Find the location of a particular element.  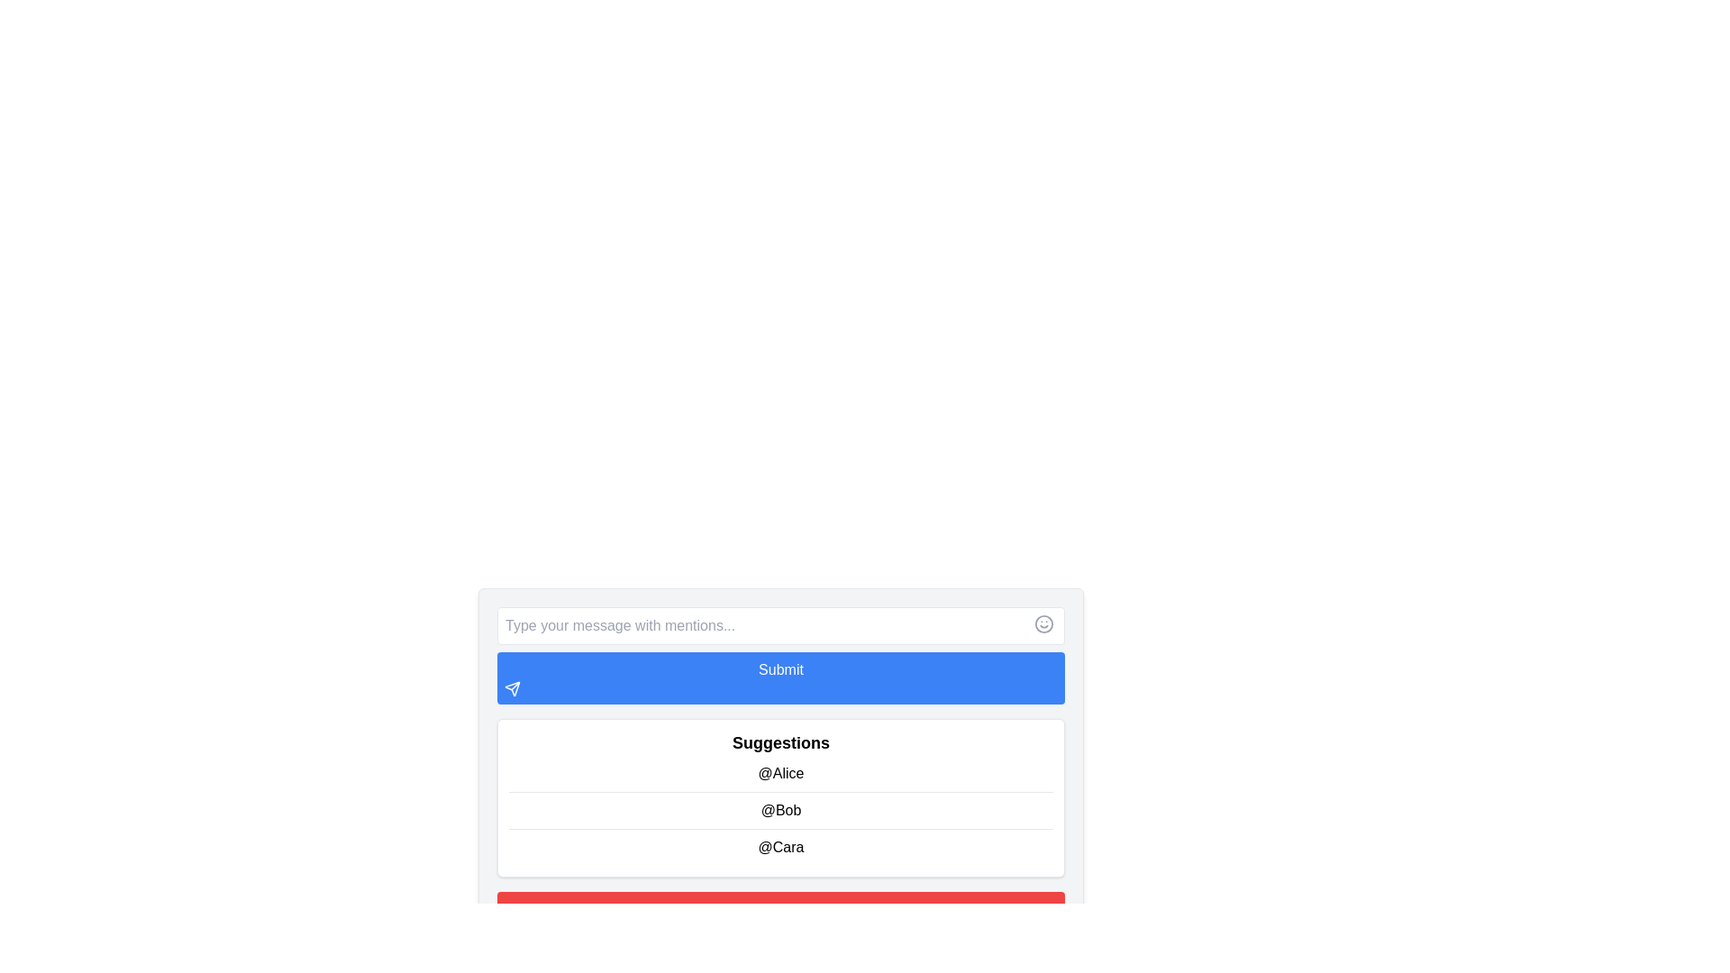

the 'Suggestions' heading element styled in large, bold font is located at coordinates (781, 743).